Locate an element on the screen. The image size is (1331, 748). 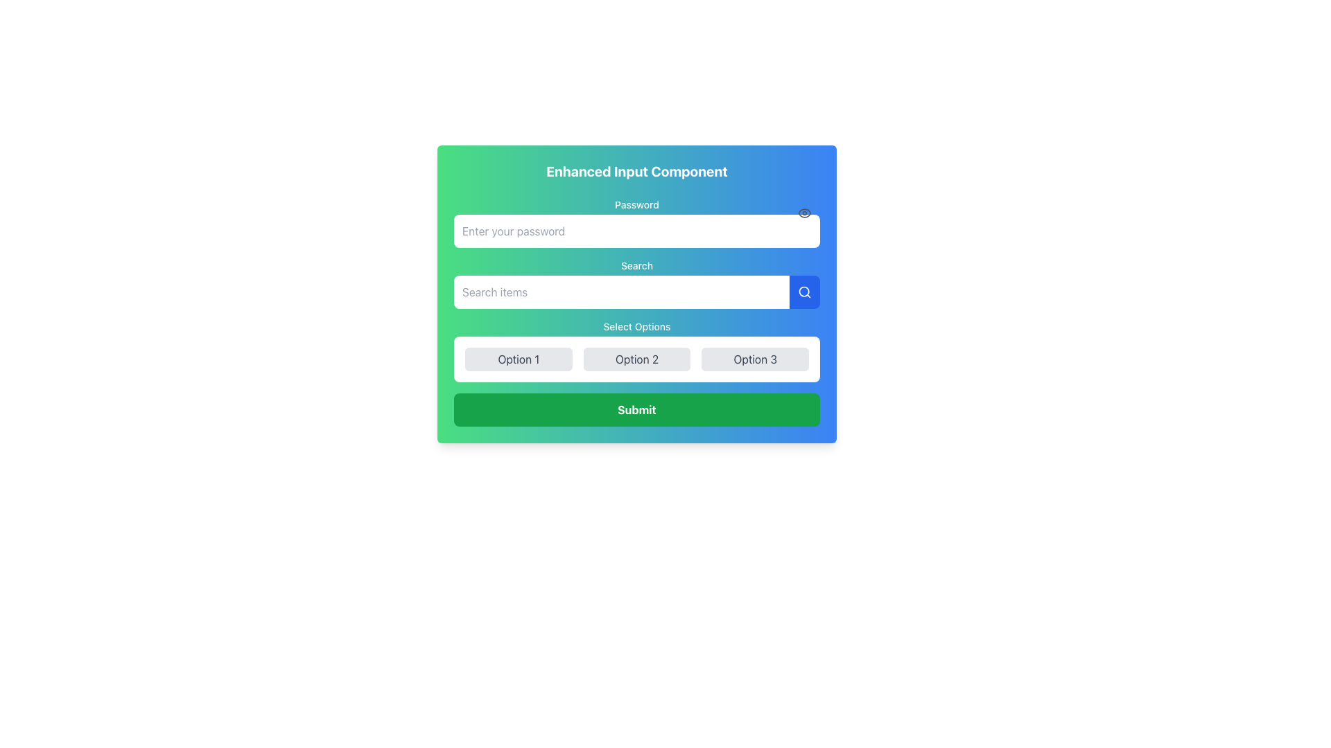
the search icon button is located at coordinates (805, 291).